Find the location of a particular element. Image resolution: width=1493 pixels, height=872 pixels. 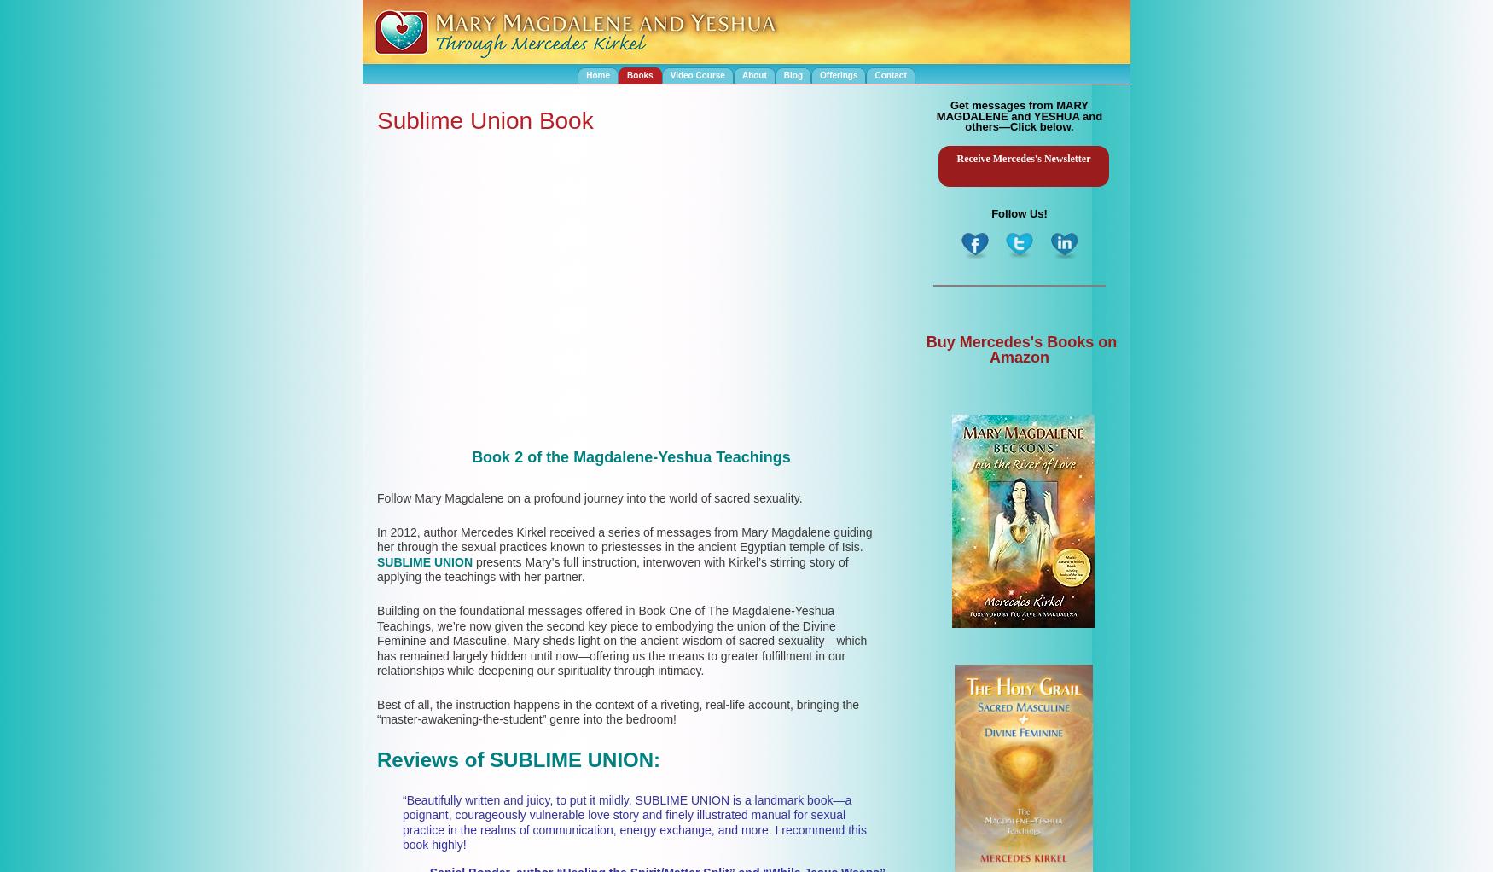

'Best of all, the instruction happens in the context of a riveting, real-life account, bringing the “master-awakening-the-student” genre into the bedroom!' is located at coordinates (618, 710).